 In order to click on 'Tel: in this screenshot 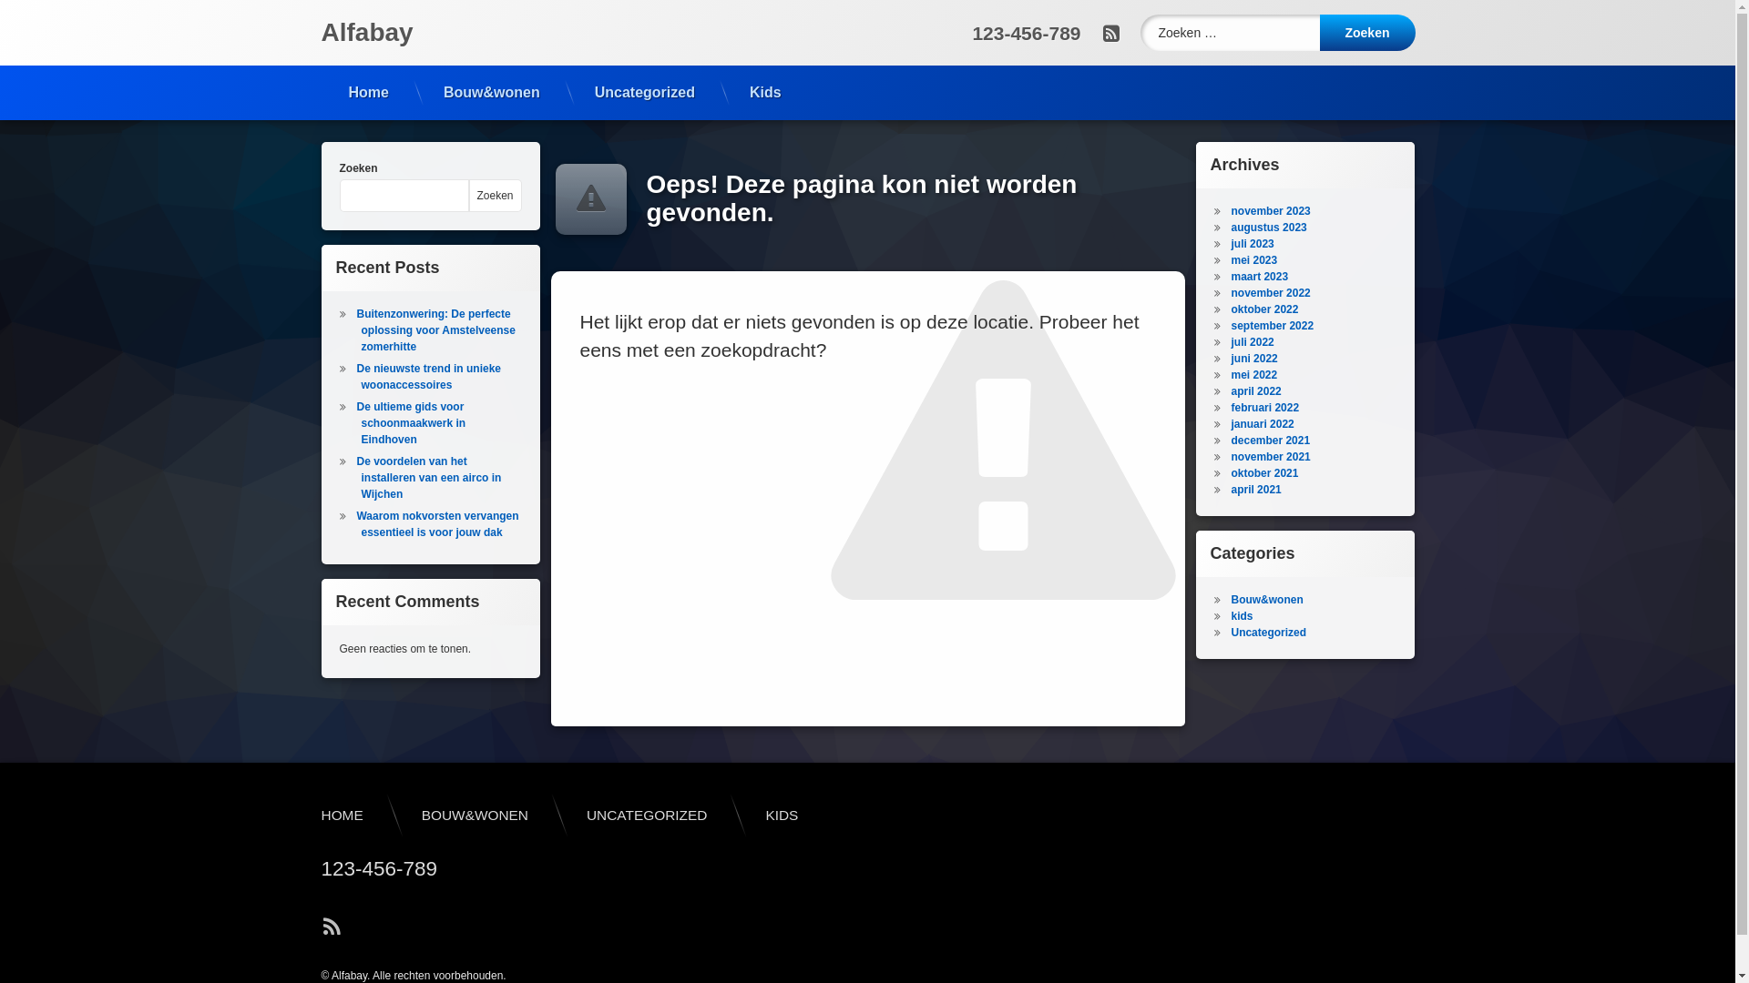, I will do `click(306, 868)`.